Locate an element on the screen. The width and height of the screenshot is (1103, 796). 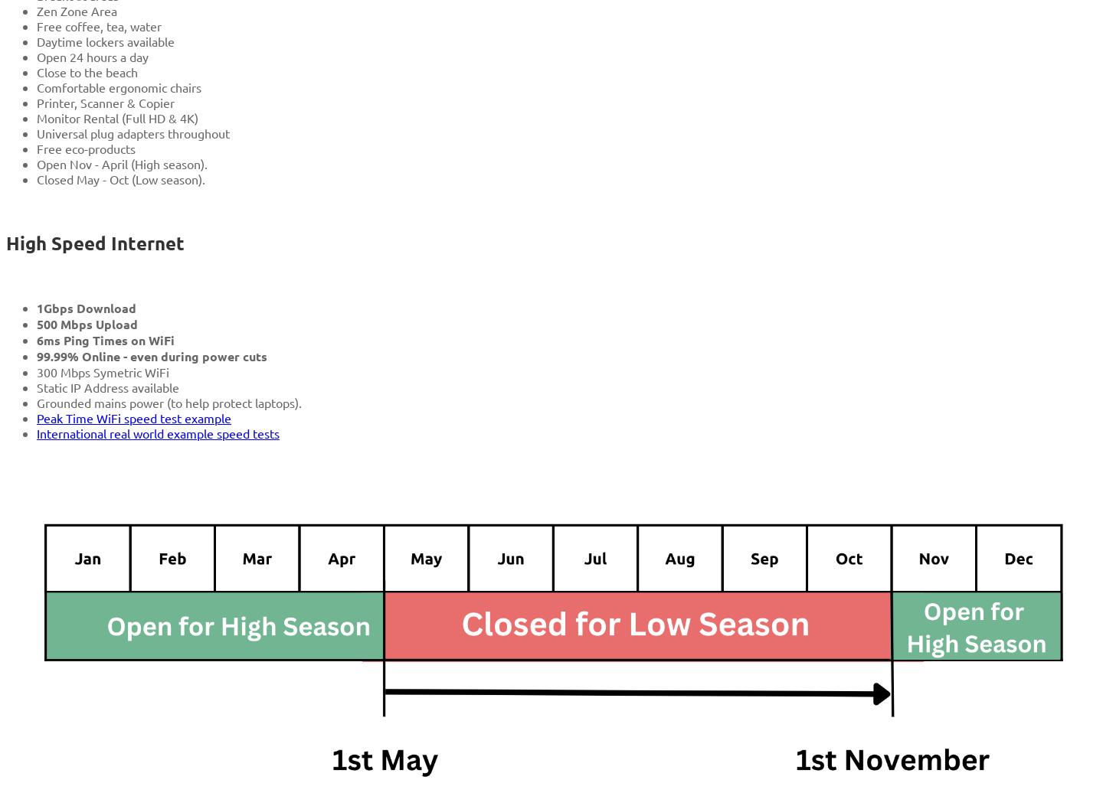
'Grounded mains power (to help protect laptops).' is located at coordinates (169, 402).